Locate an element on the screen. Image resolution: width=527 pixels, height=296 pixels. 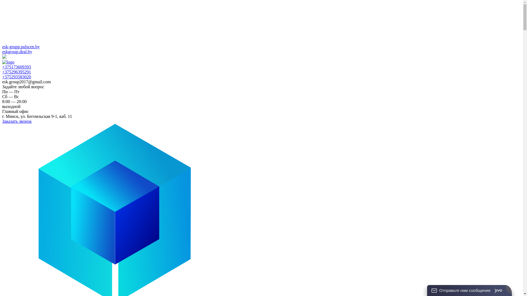
'eskgroup.deal.by' is located at coordinates (17, 52).